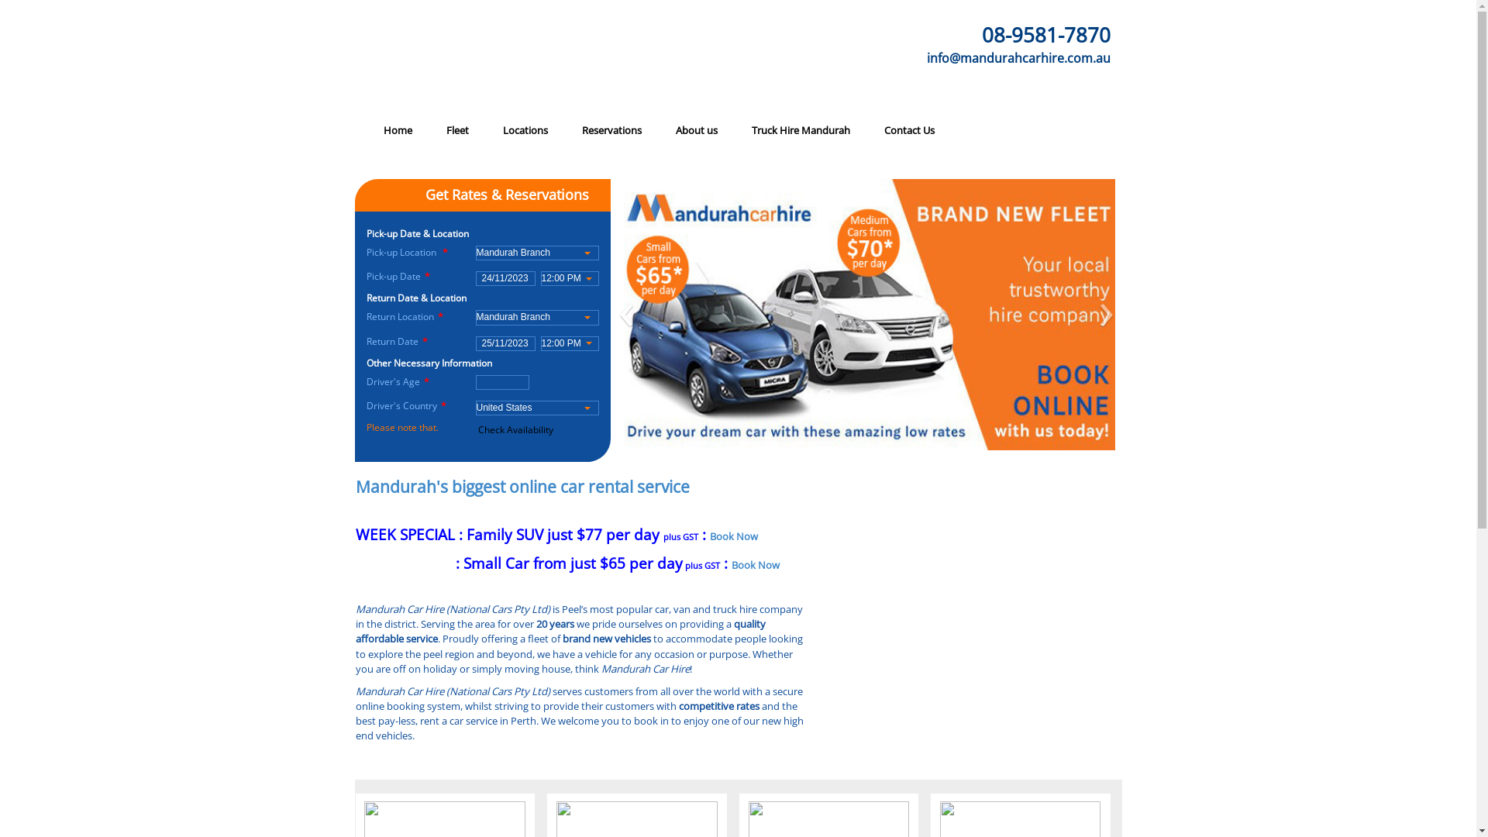 The width and height of the screenshot is (1488, 837). Describe the element at coordinates (610, 129) in the screenshot. I see `'Reservations'` at that location.